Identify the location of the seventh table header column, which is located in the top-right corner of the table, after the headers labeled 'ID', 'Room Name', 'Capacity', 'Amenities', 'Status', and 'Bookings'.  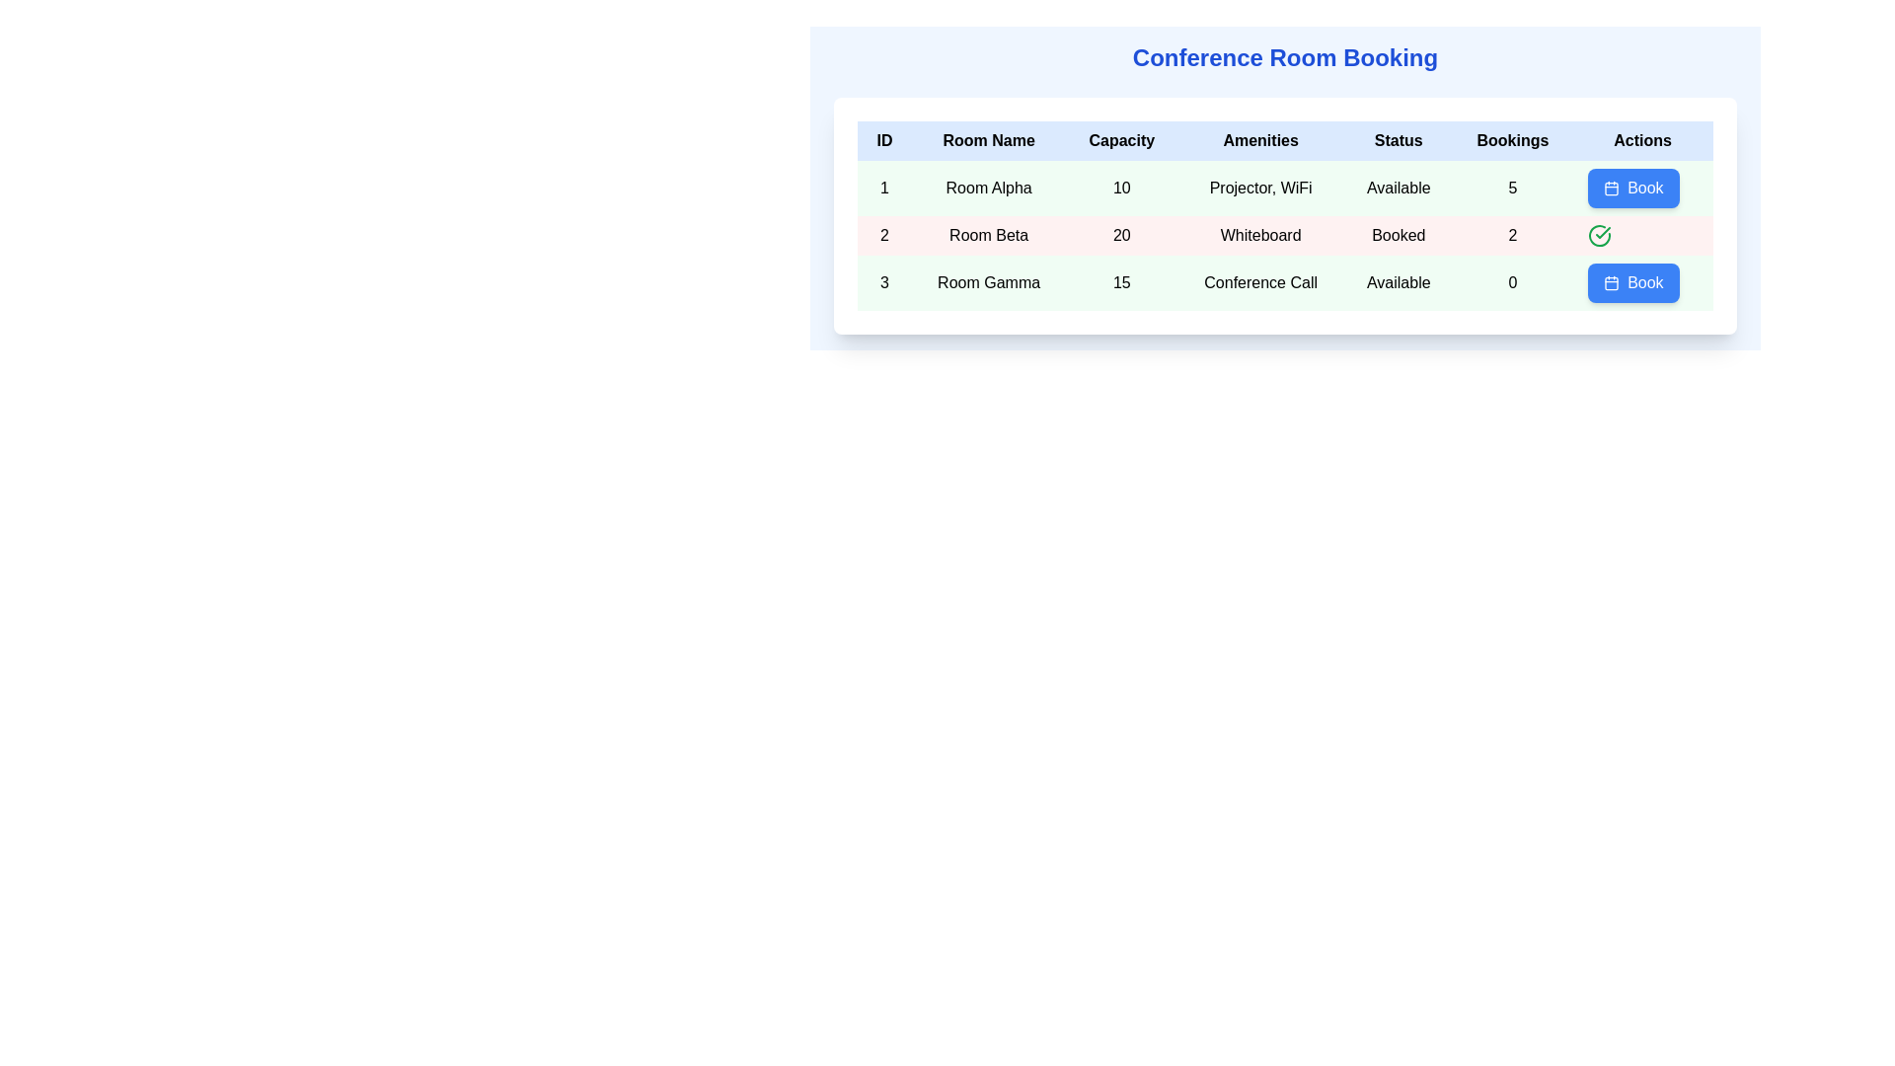
(1642, 139).